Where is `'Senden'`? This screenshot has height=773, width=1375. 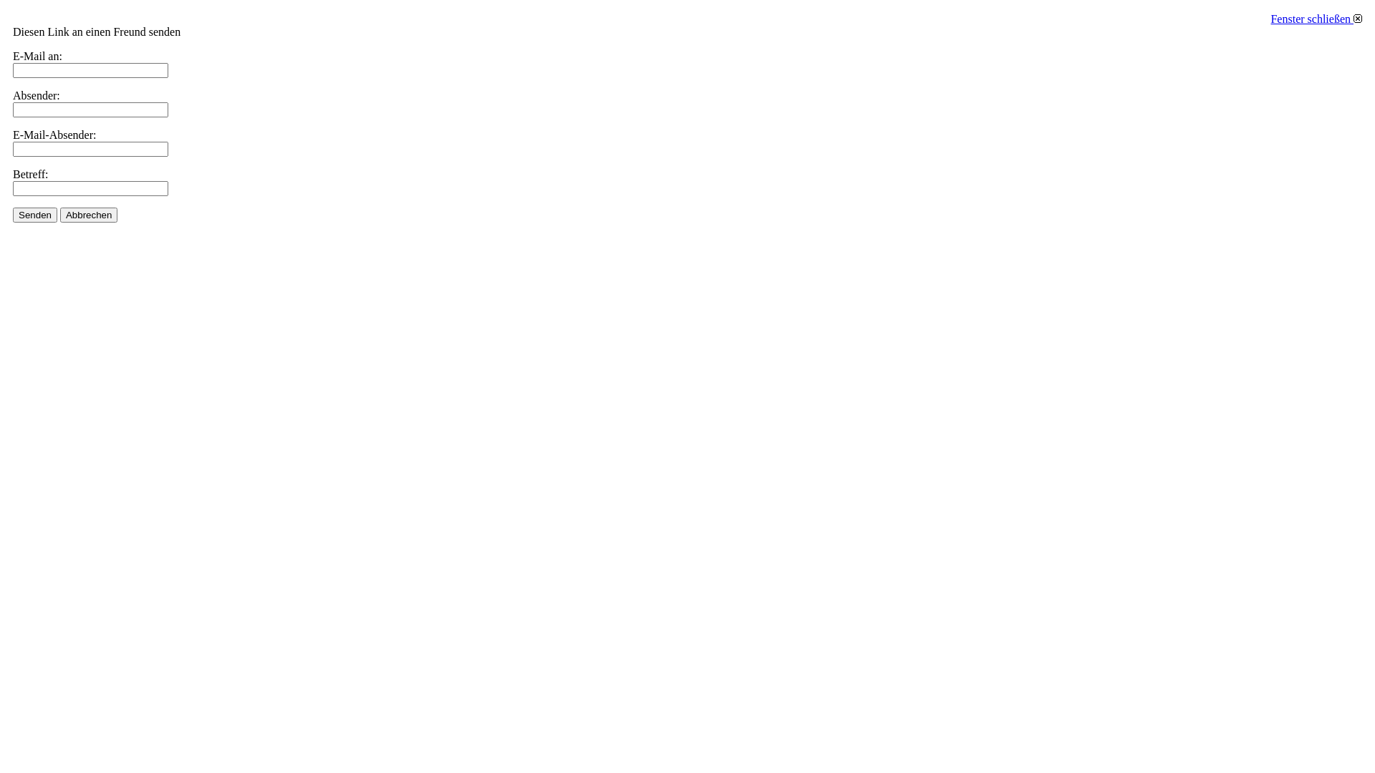
'Senden' is located at coordinates (34, 215).